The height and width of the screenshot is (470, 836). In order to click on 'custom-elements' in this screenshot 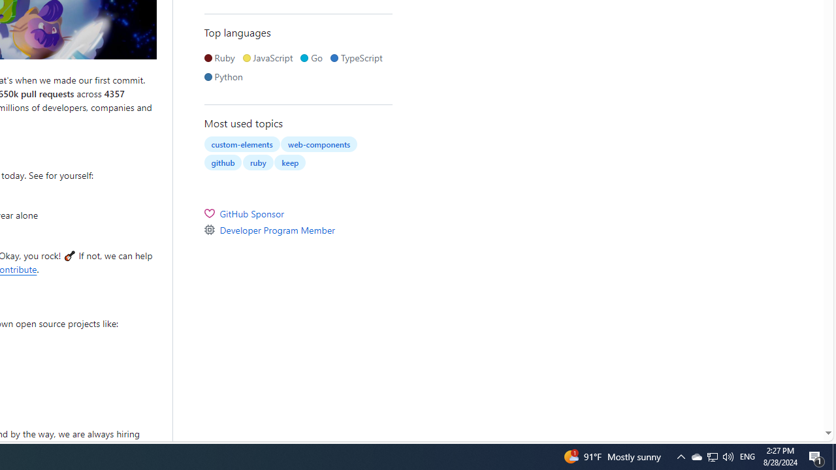, I will do `click(242, 144)`.